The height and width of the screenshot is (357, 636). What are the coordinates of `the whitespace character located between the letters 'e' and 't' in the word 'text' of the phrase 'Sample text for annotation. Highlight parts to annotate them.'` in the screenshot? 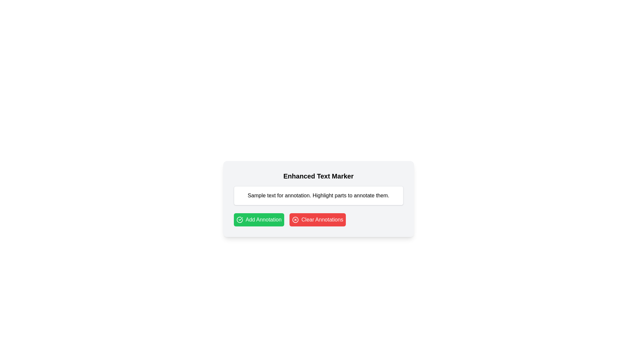 It's located at (266, 195).